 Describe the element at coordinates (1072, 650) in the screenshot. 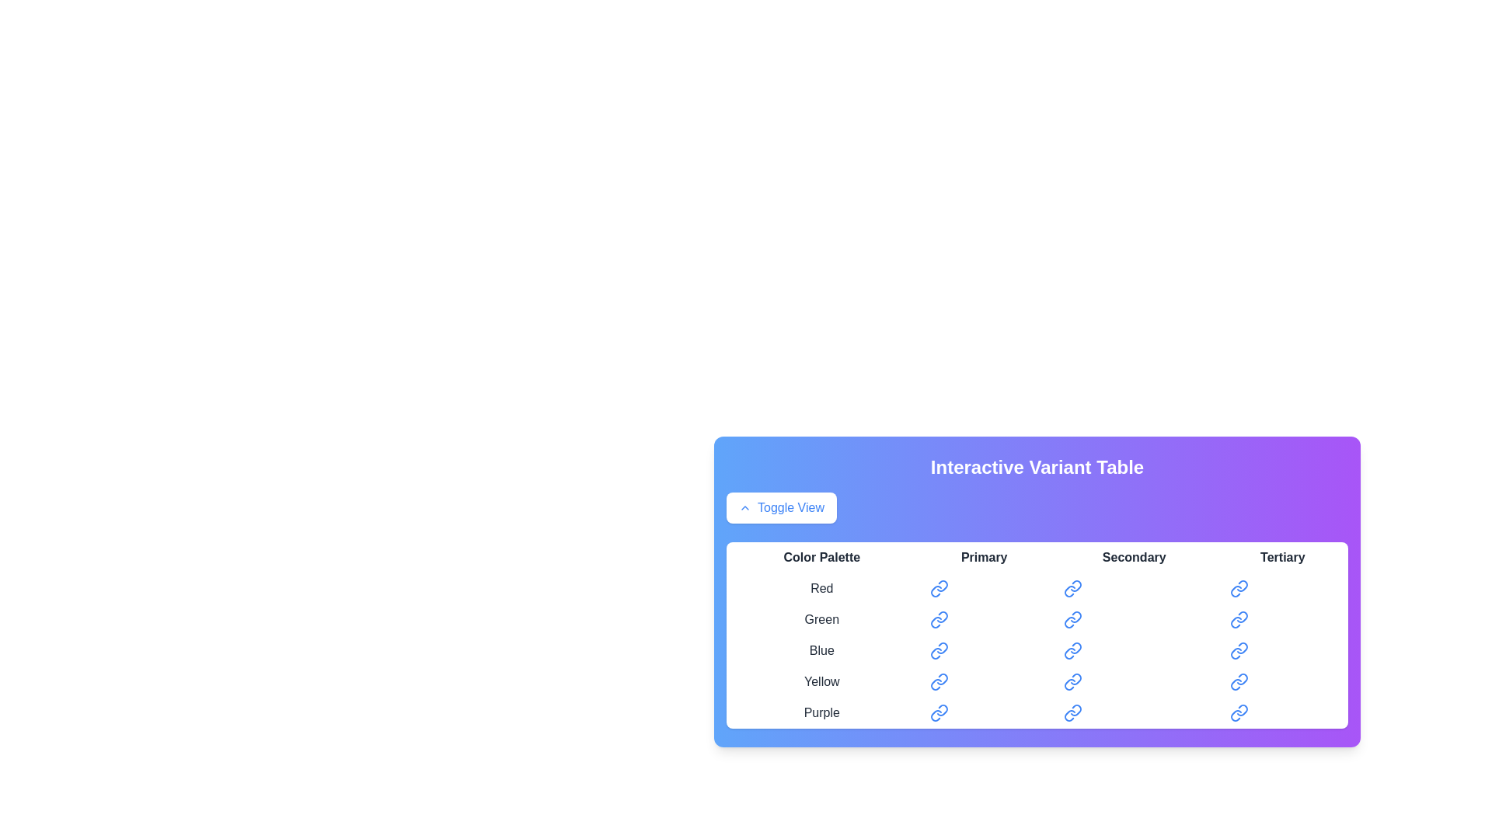

I see `the hyperlink icon located in the 'Secondary' column of the 'Blue' row` at that location.